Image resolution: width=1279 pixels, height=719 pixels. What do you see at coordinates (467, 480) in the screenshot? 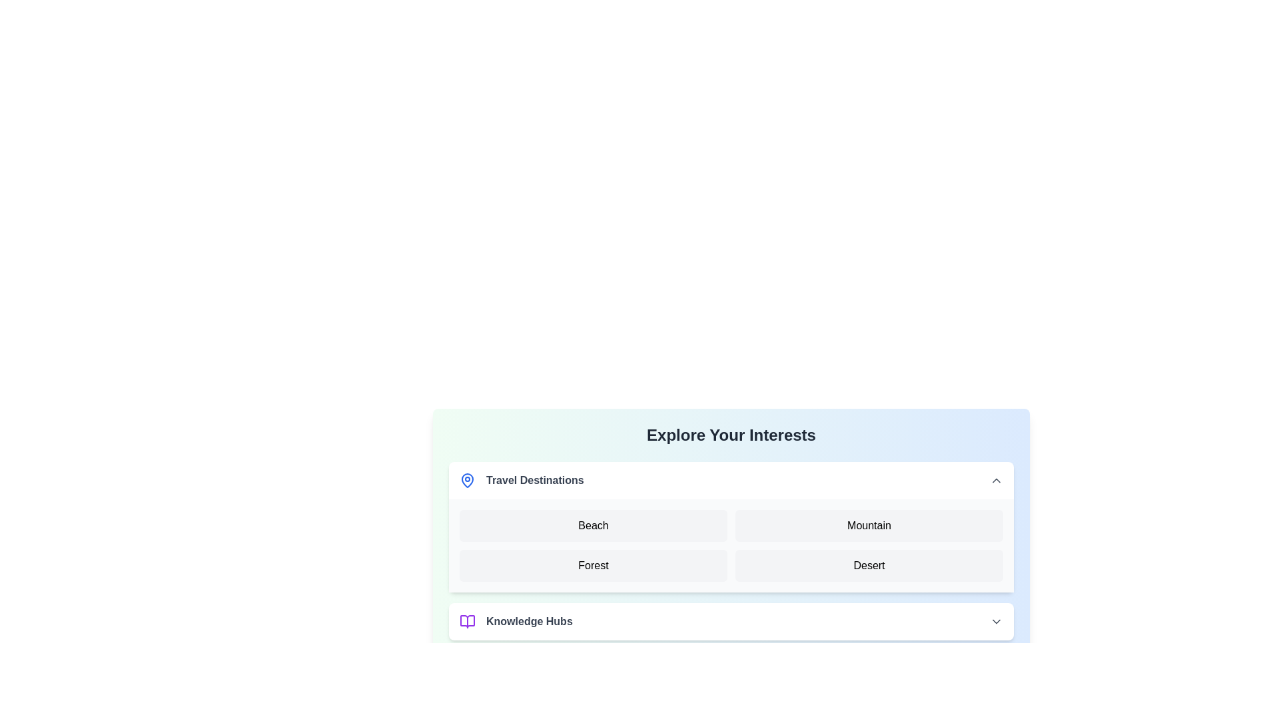
I see `the travel-related icon located to the left of the 'Travel Destinations' text` at bounding box center [467, 480].